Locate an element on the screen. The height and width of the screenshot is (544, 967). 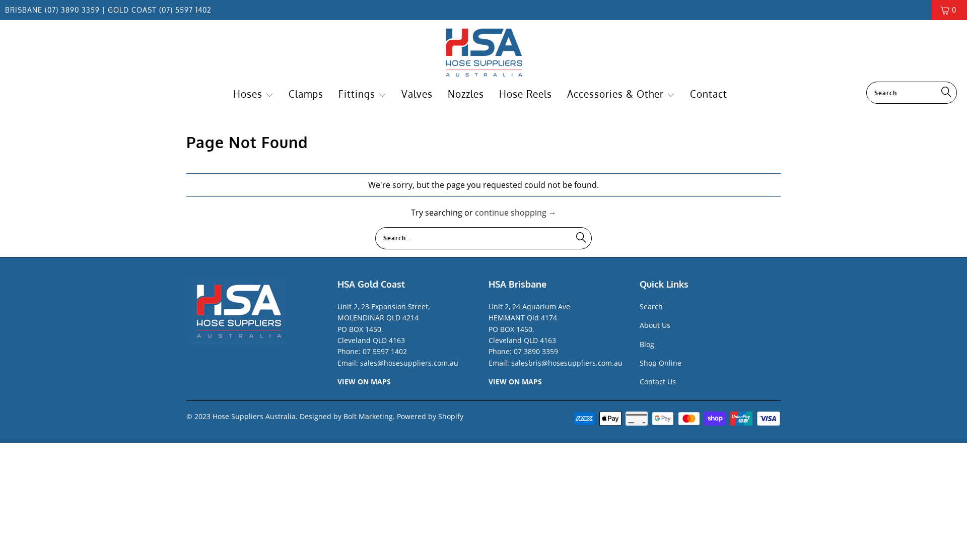
'Nozzles' is located at coordinates (465, 94).